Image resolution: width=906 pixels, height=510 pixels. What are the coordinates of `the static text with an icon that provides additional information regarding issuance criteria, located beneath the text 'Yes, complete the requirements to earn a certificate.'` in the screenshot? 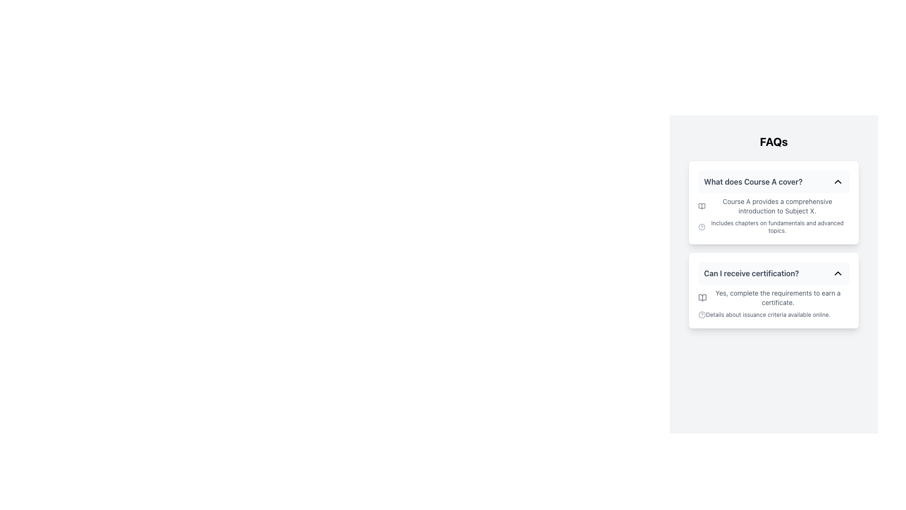 It's located at (774, 315).